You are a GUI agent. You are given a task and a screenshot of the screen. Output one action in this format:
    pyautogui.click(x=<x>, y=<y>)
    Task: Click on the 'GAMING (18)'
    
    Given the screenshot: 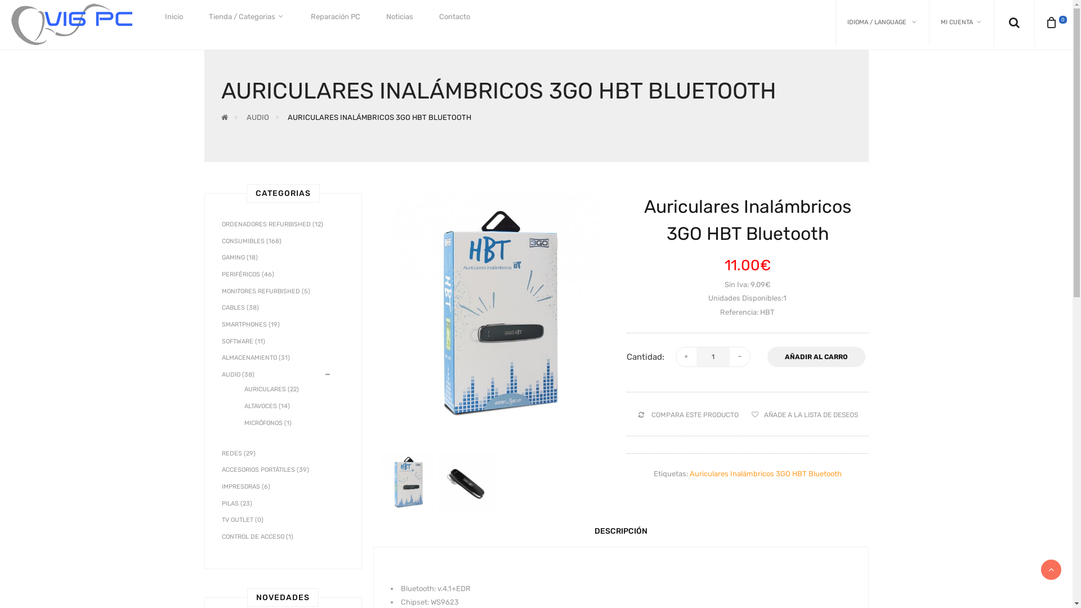 What is the action you would take?
    pyautogui.click(x=239, y=257)
    